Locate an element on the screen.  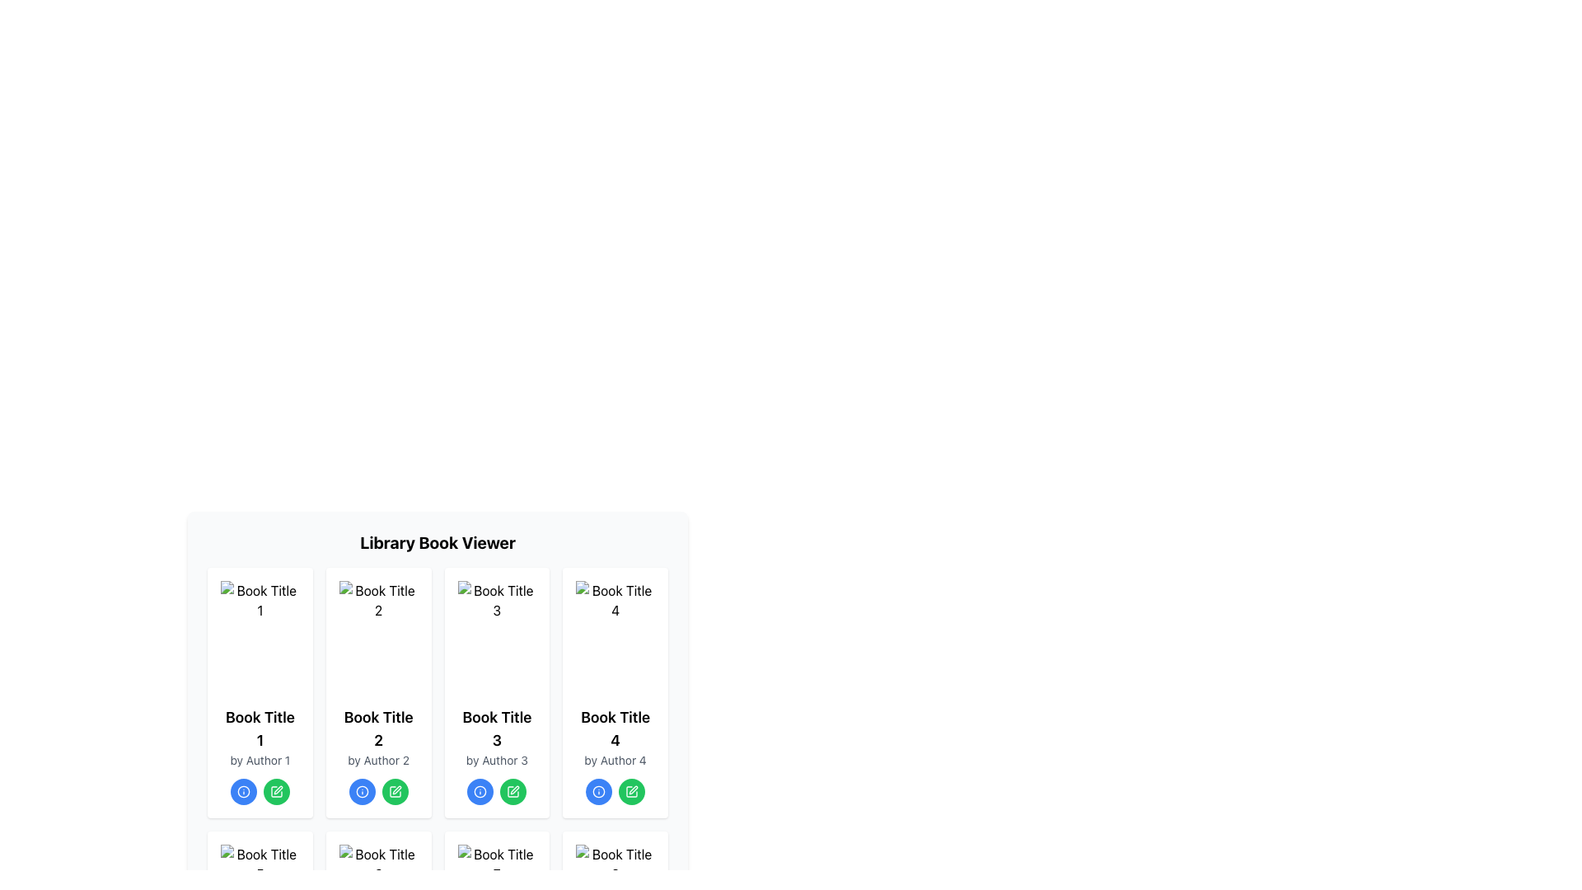
the pen icon button for editing purposes located in the control panel of 'Book Title 3' is located at coordinates (513, 790).